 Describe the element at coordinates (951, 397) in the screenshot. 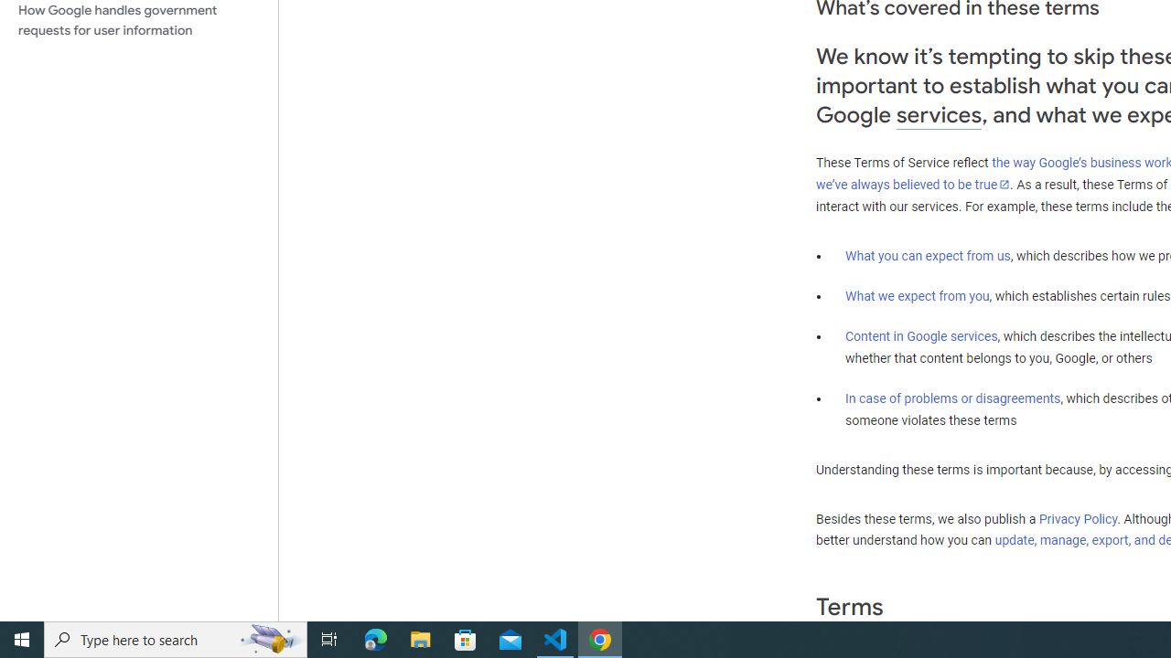

I see `'In case of problems or disagreements'` at that location.